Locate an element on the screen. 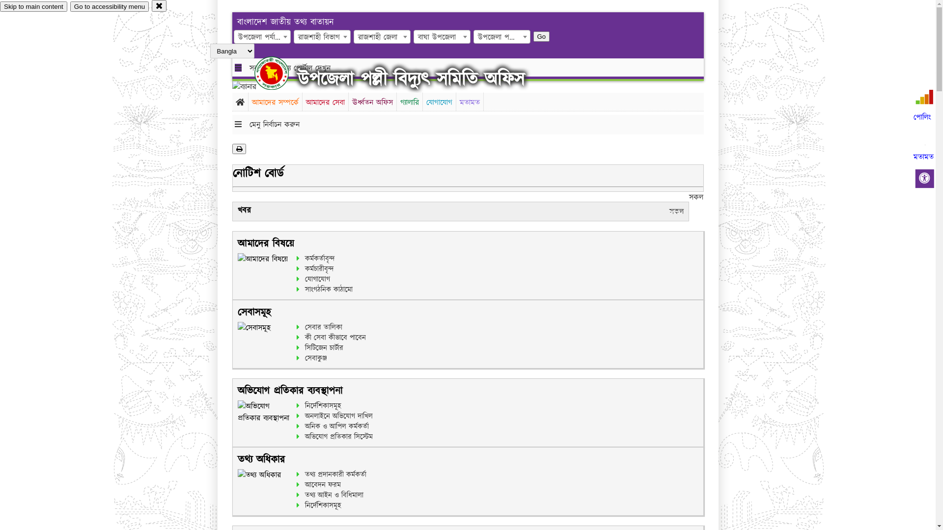  'close' is located at coordinates (151, 5).